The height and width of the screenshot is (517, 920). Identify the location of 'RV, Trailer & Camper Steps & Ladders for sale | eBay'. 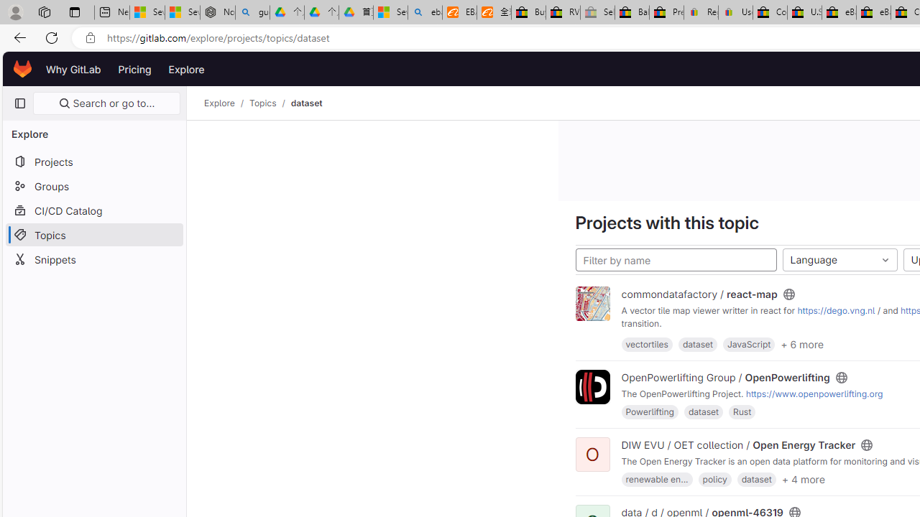
(563, 12).